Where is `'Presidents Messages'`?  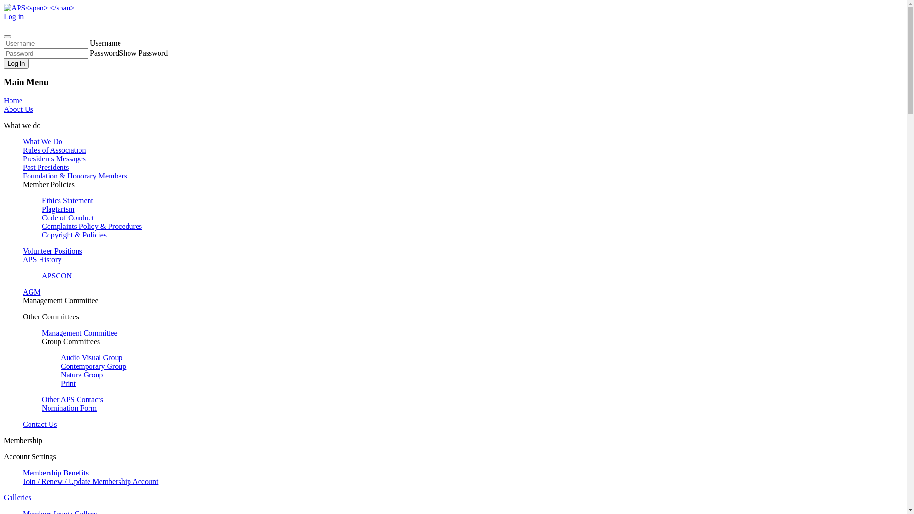 'Presidents Messages' is located at coordinates (54, 158).